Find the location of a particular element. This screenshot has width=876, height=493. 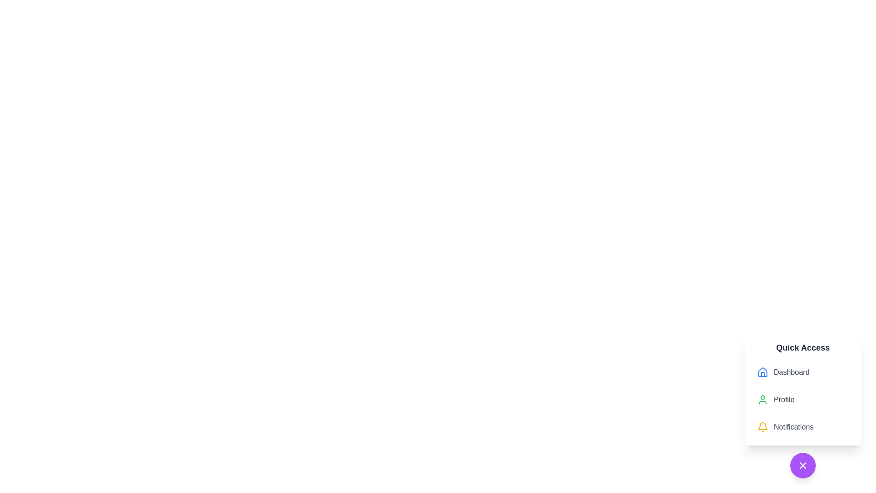

the green-stroke SVG icon of a user silhouette located to the left of the 'Profile' label in the 'Quick Access' vertical menu is located at coordinates (762, 399).